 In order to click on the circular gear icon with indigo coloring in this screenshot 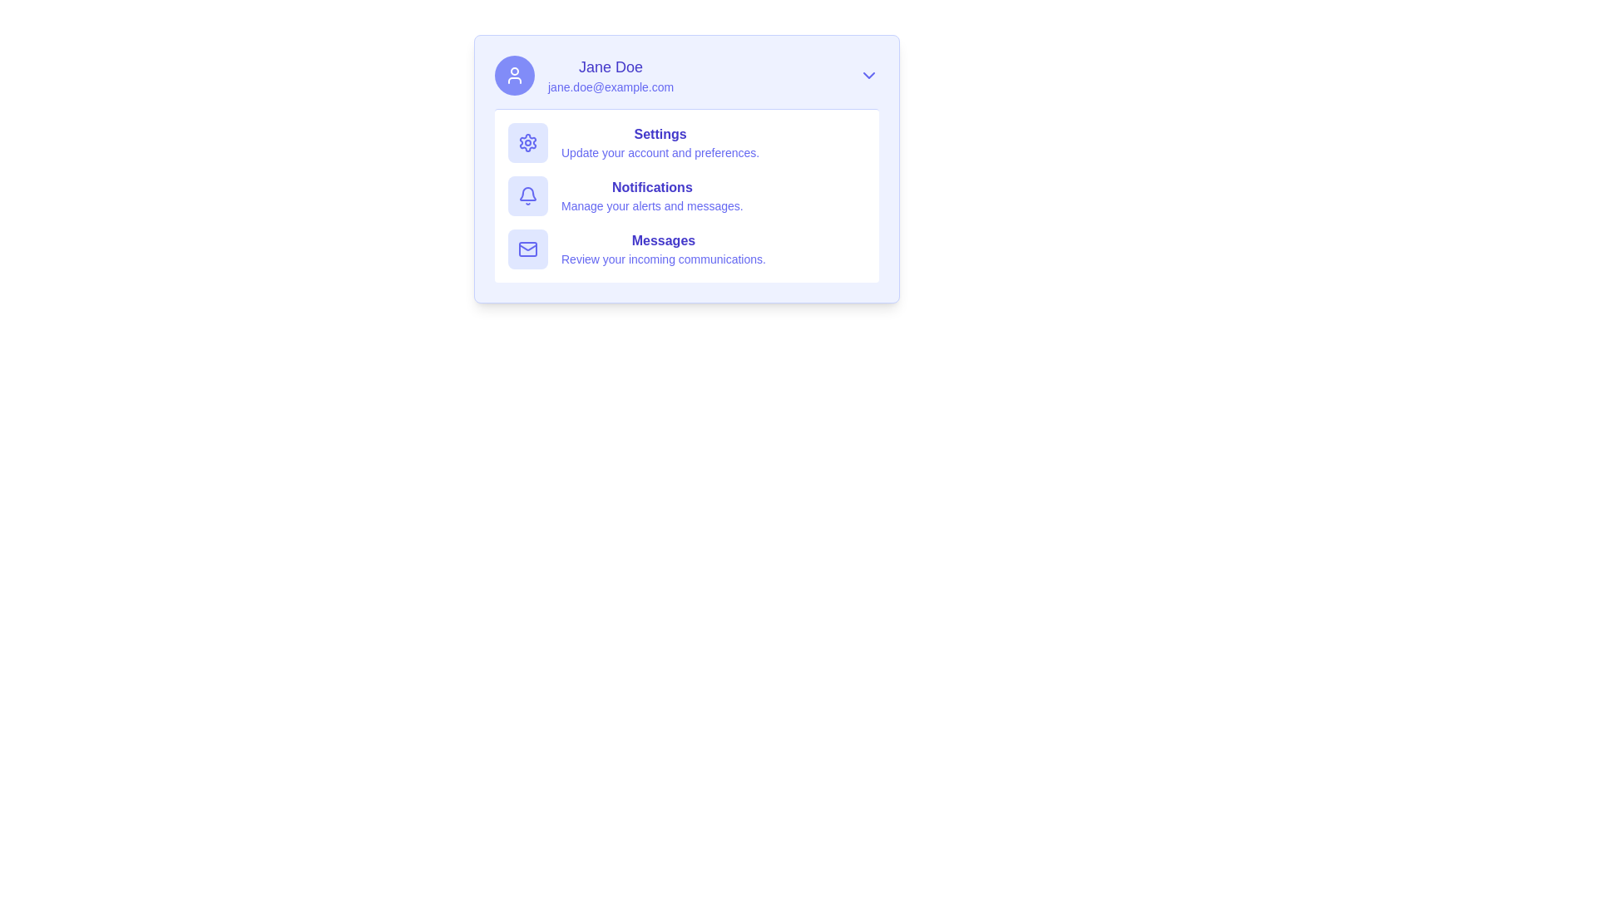, I will do `click(527, 142)`.